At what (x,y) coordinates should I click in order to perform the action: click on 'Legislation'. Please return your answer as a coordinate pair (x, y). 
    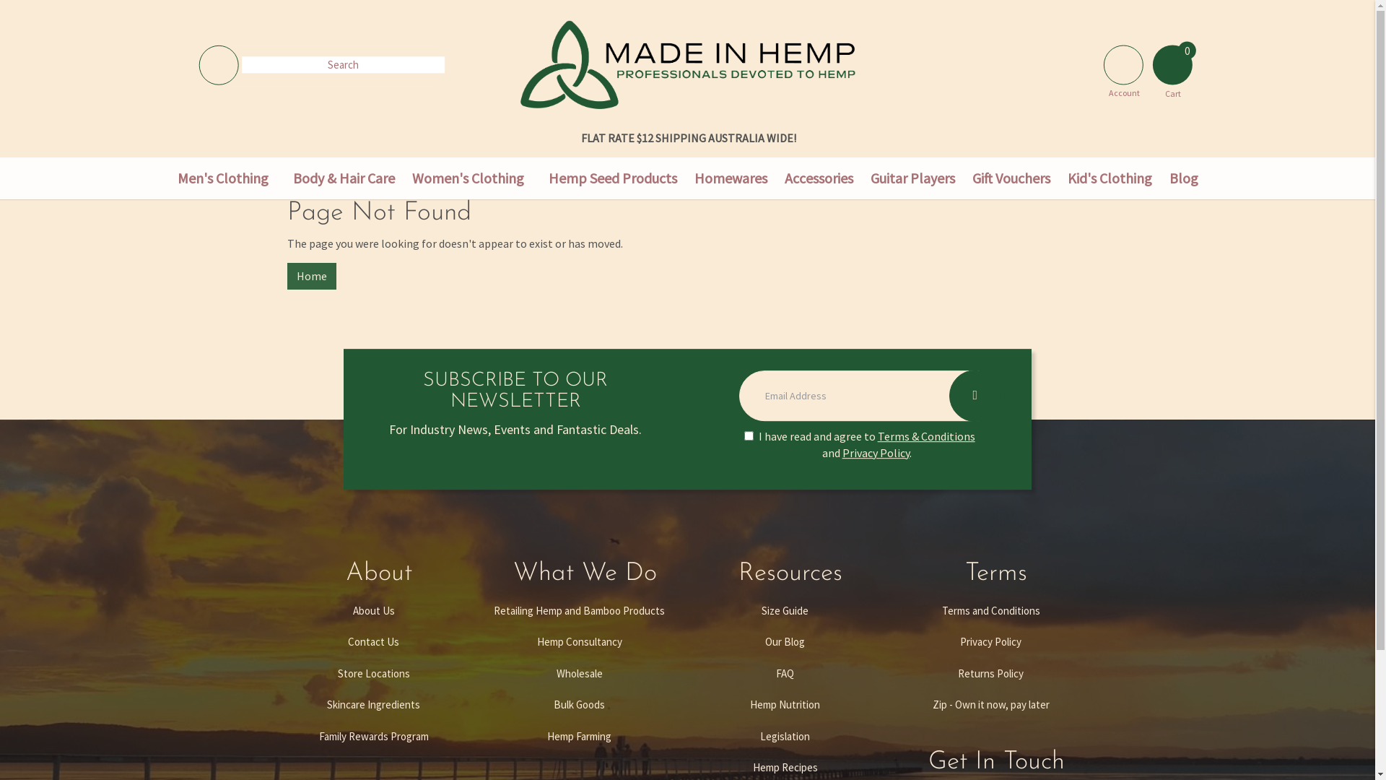
    Looking at the image, I should click on (783, 736).